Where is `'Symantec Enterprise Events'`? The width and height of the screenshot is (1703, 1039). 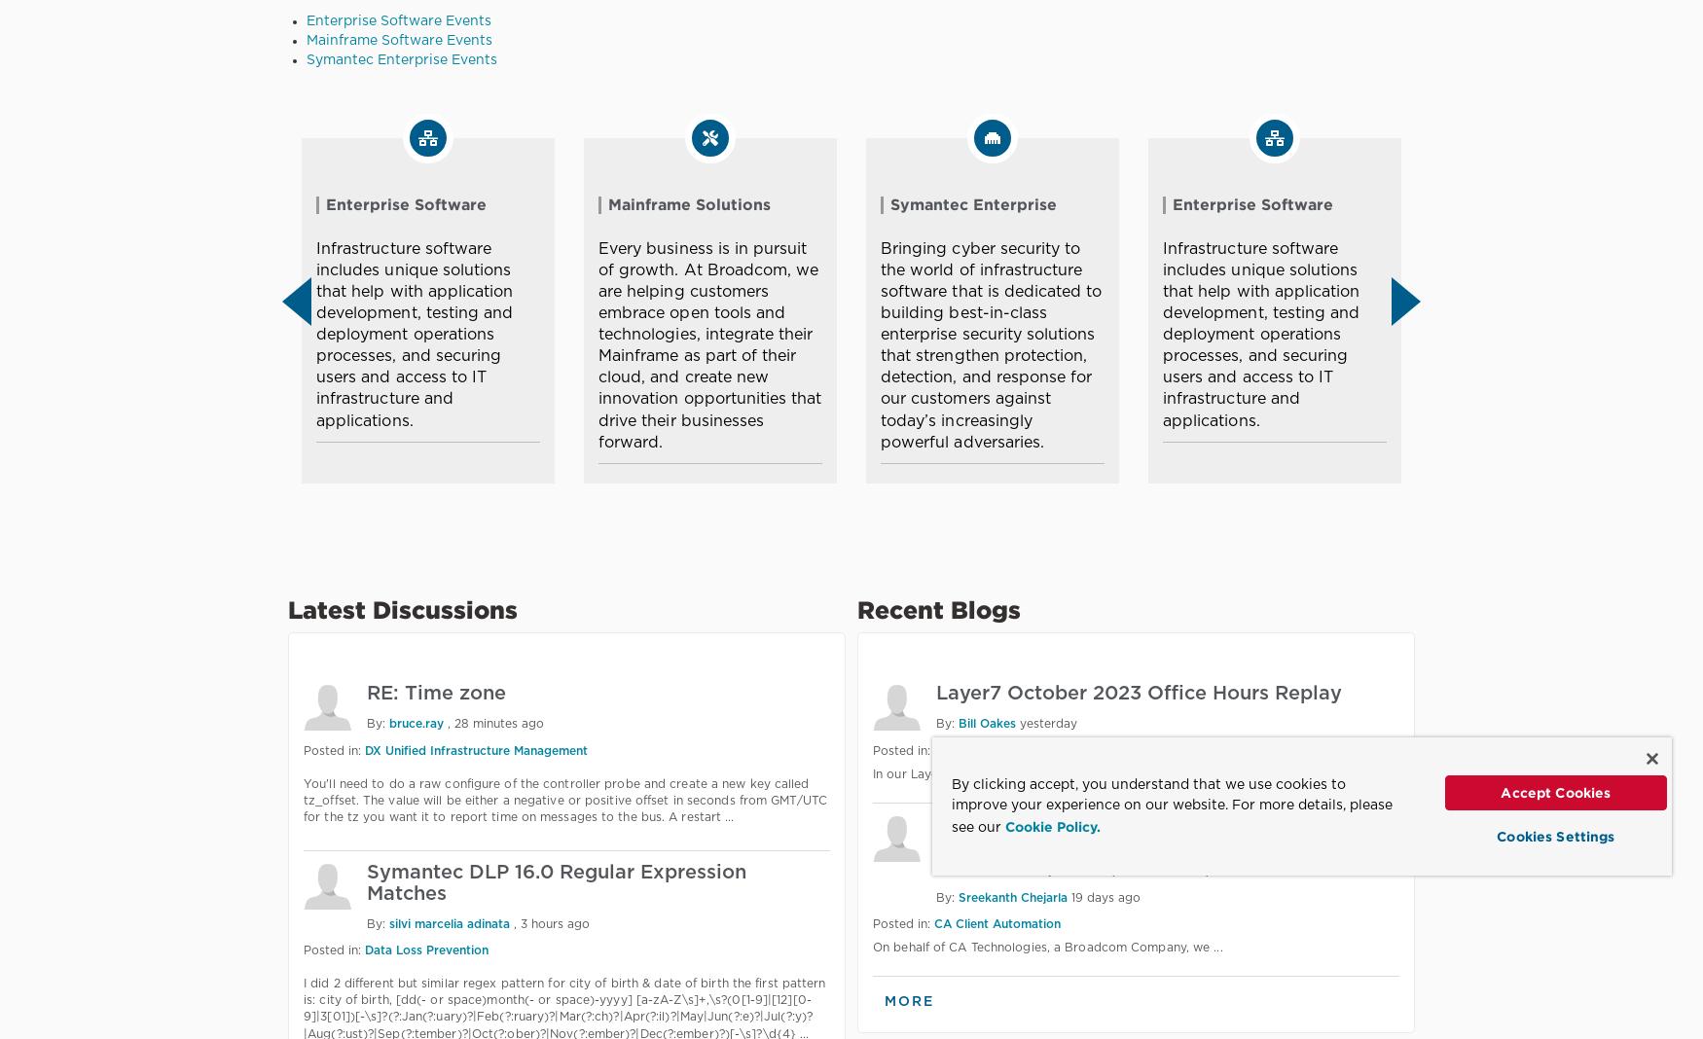 'Symantec Enterprise Events' is located at coordinates (307, 59).